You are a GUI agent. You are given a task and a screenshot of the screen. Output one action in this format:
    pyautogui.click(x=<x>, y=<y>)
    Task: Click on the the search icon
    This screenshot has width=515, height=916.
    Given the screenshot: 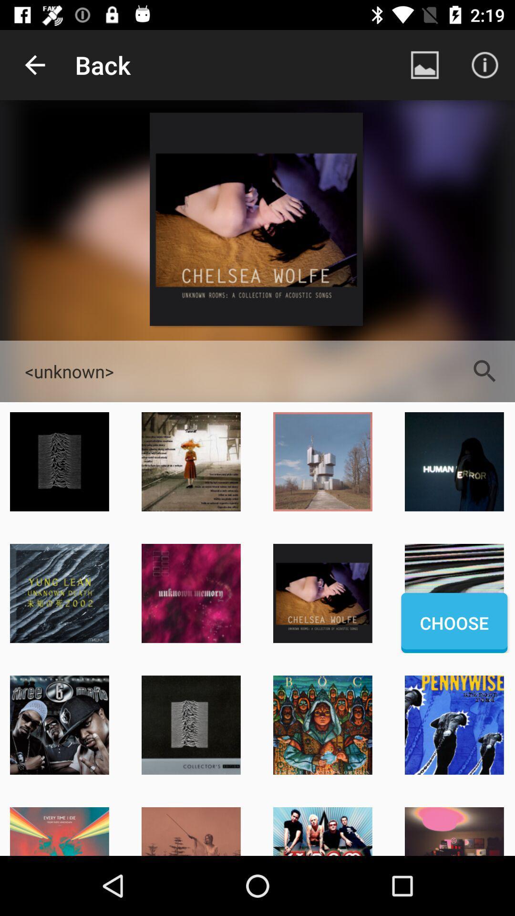 What is the action you would take?
    pyautogui.click(x=485, y=371)
    